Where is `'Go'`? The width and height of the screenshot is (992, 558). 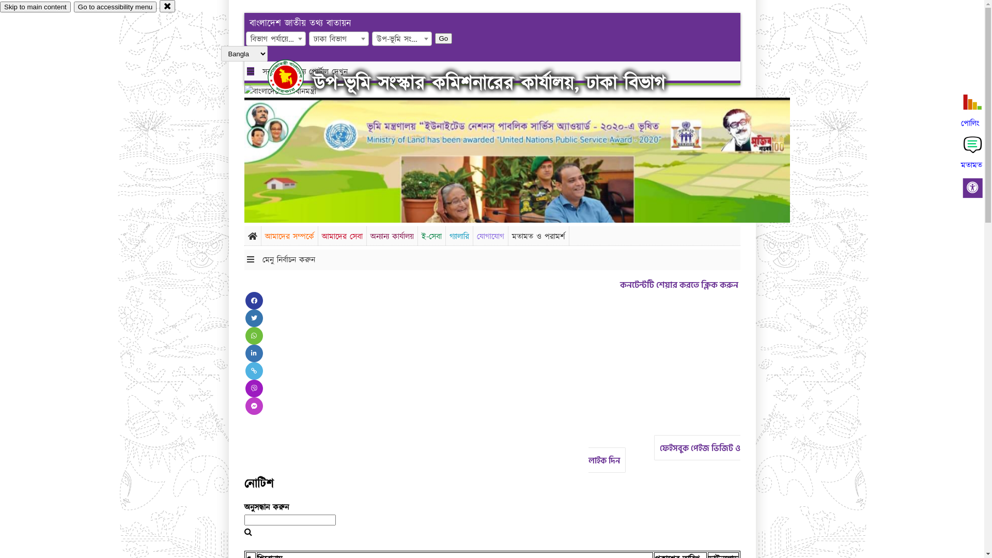
'Go' is located at coordinates (444, 38).